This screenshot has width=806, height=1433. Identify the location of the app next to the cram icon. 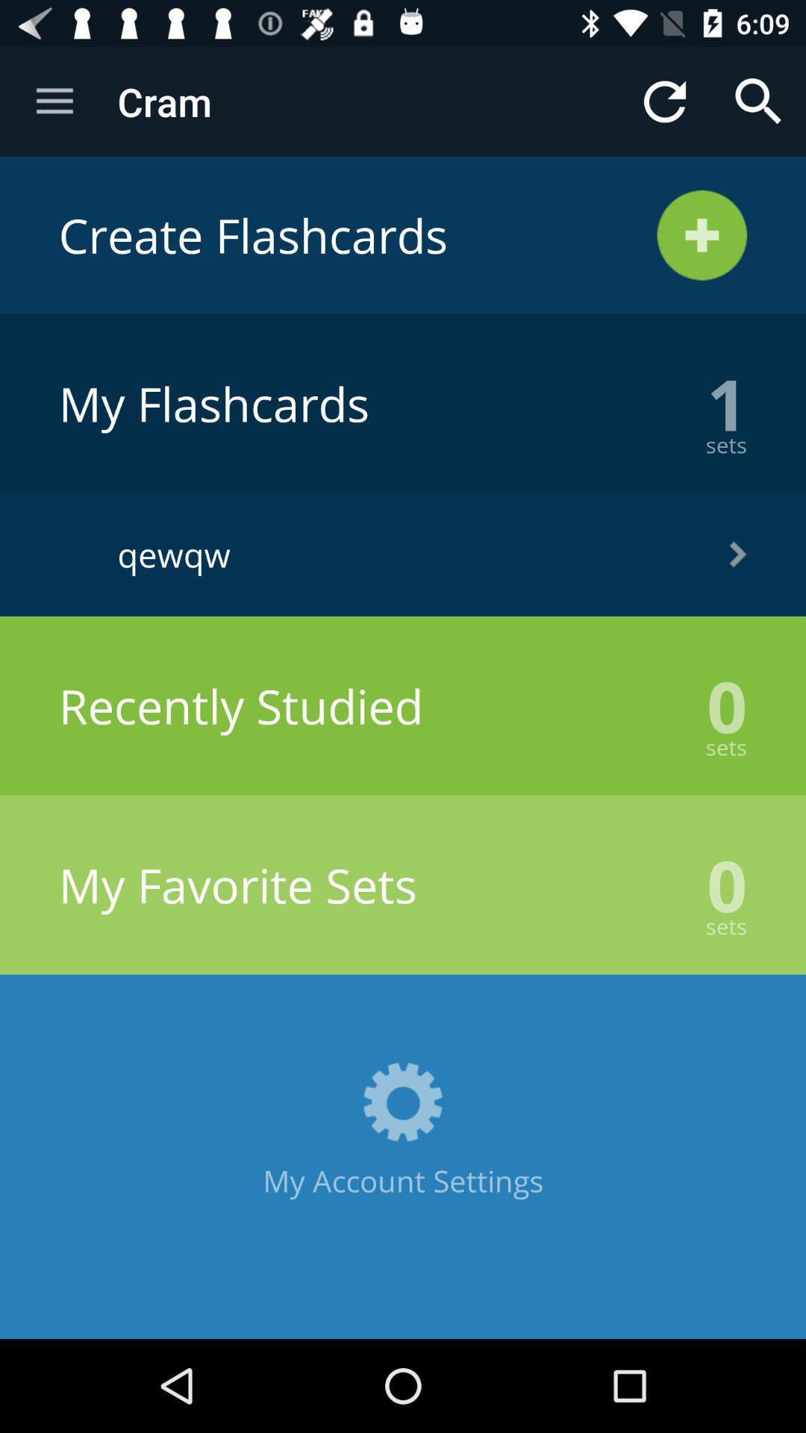
(54, 101).